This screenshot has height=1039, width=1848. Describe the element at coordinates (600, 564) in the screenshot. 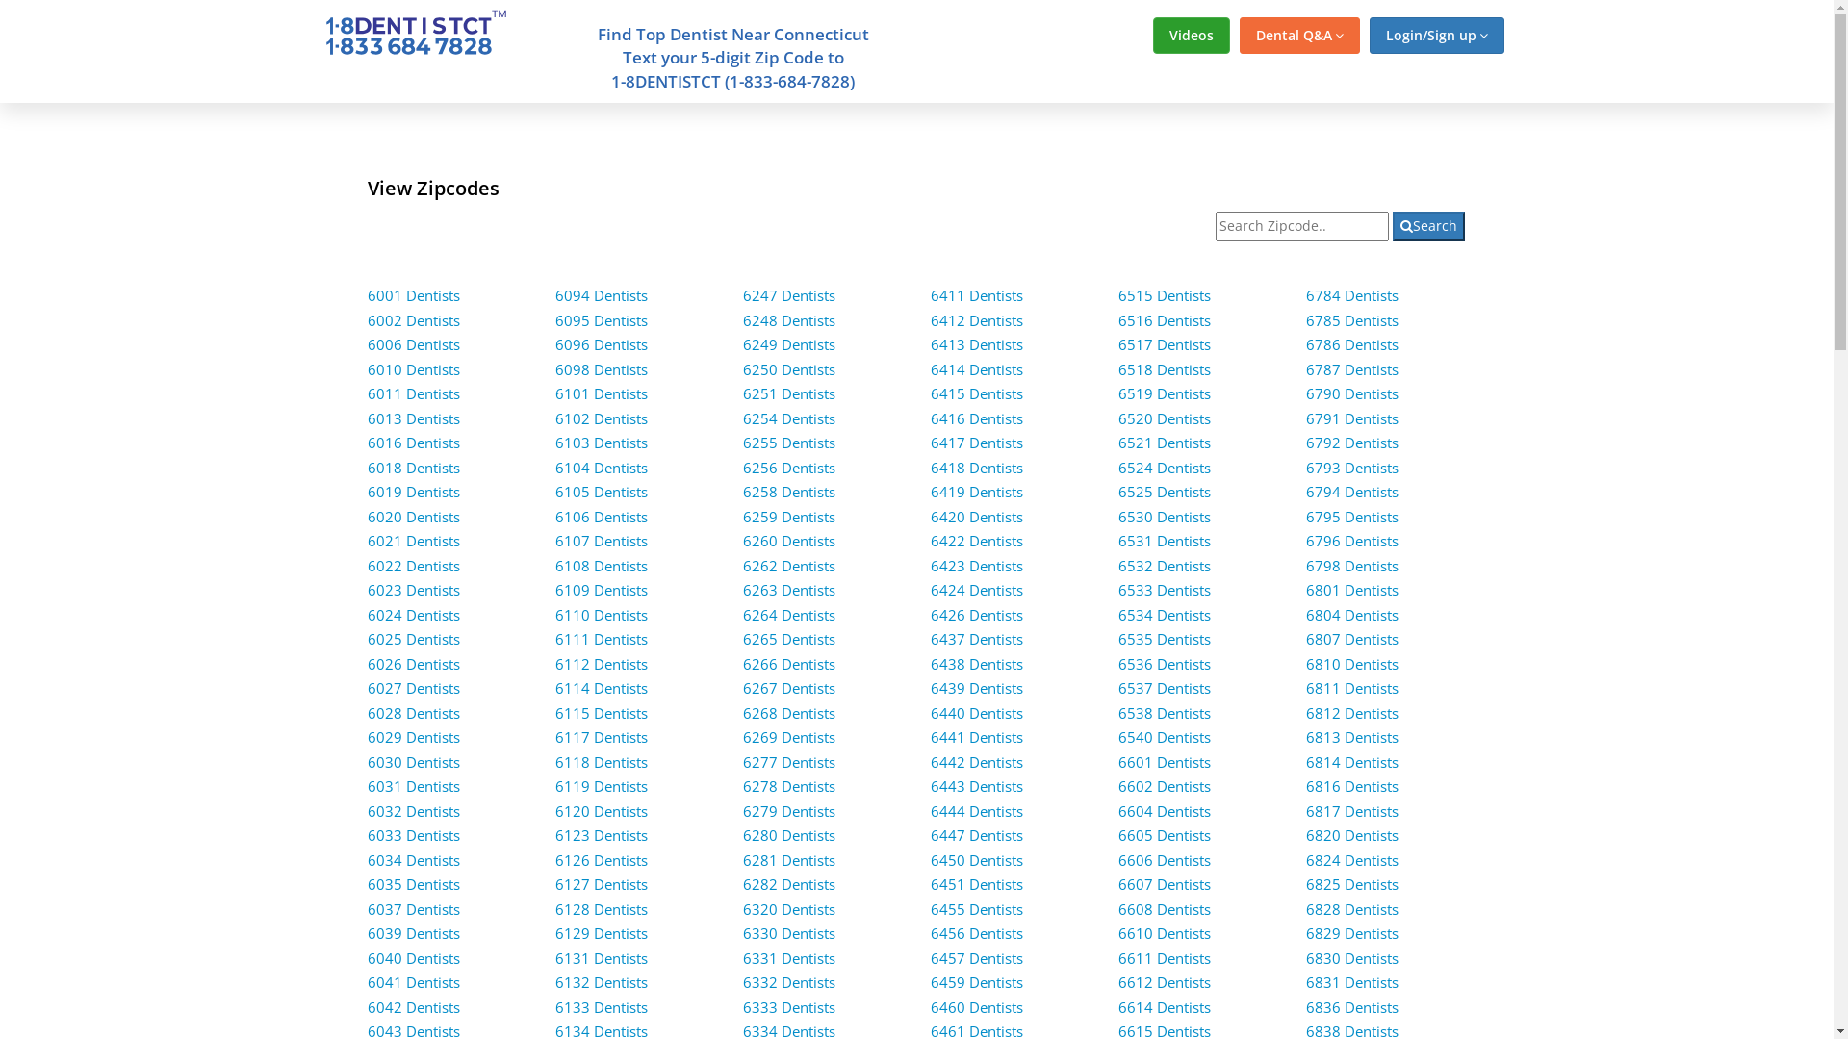

I see `'6108 Dentists'` at that location.